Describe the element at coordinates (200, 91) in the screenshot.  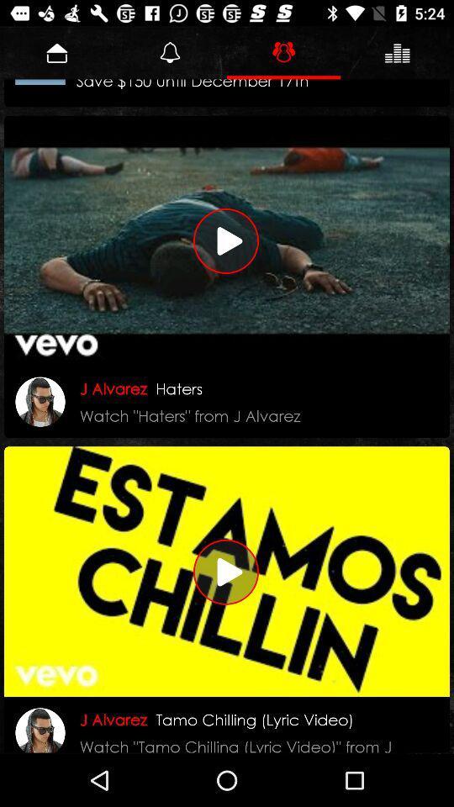
I see `the ste anne s item` at that location.